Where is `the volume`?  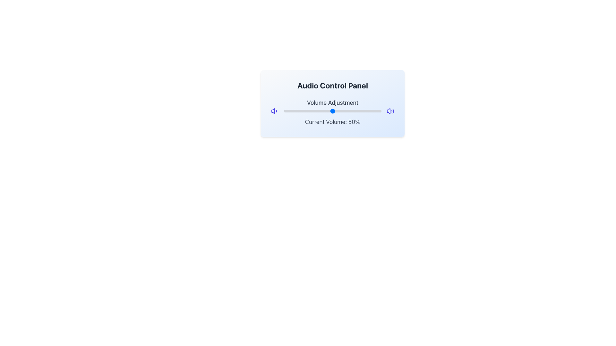
the volume is located at coordinates (334, 110).